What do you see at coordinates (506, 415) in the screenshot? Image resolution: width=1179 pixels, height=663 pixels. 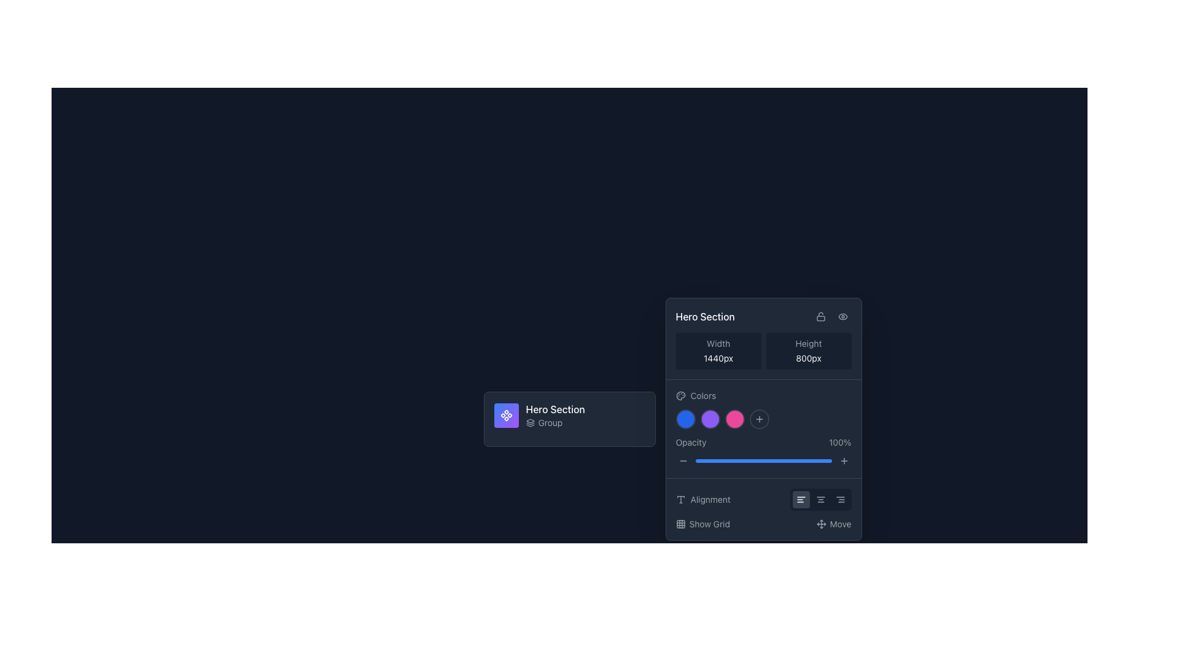 I see `the square icon with a gradient background transitioning from blue to purple, featuring a white cross-shaped arrangement of diamond nodes at its center, located above the text 'Hero Section Group'` at bounding box center [506, 415].